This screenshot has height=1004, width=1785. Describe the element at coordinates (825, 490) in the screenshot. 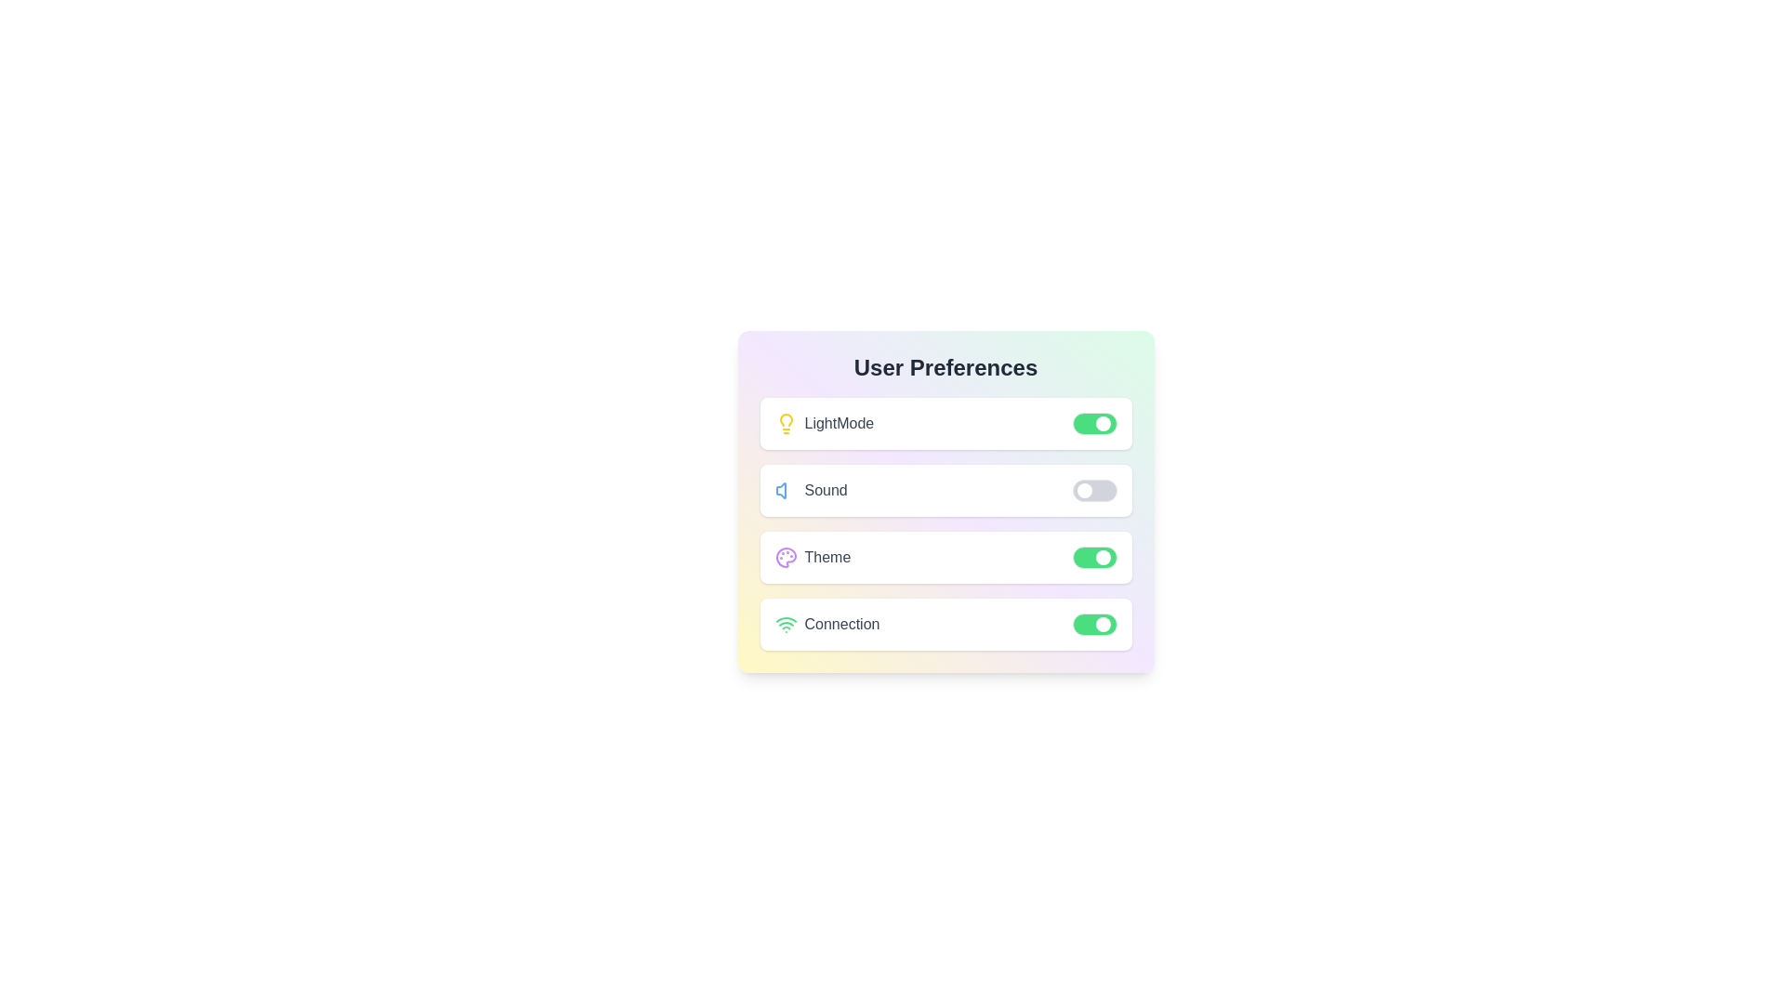

I see `the text label displaying 'Sound' which is bold, capitalized, and gray, located under the 'User Preferences' section, to the right of a blue speaker icon and left of a toggle switch` at that location.